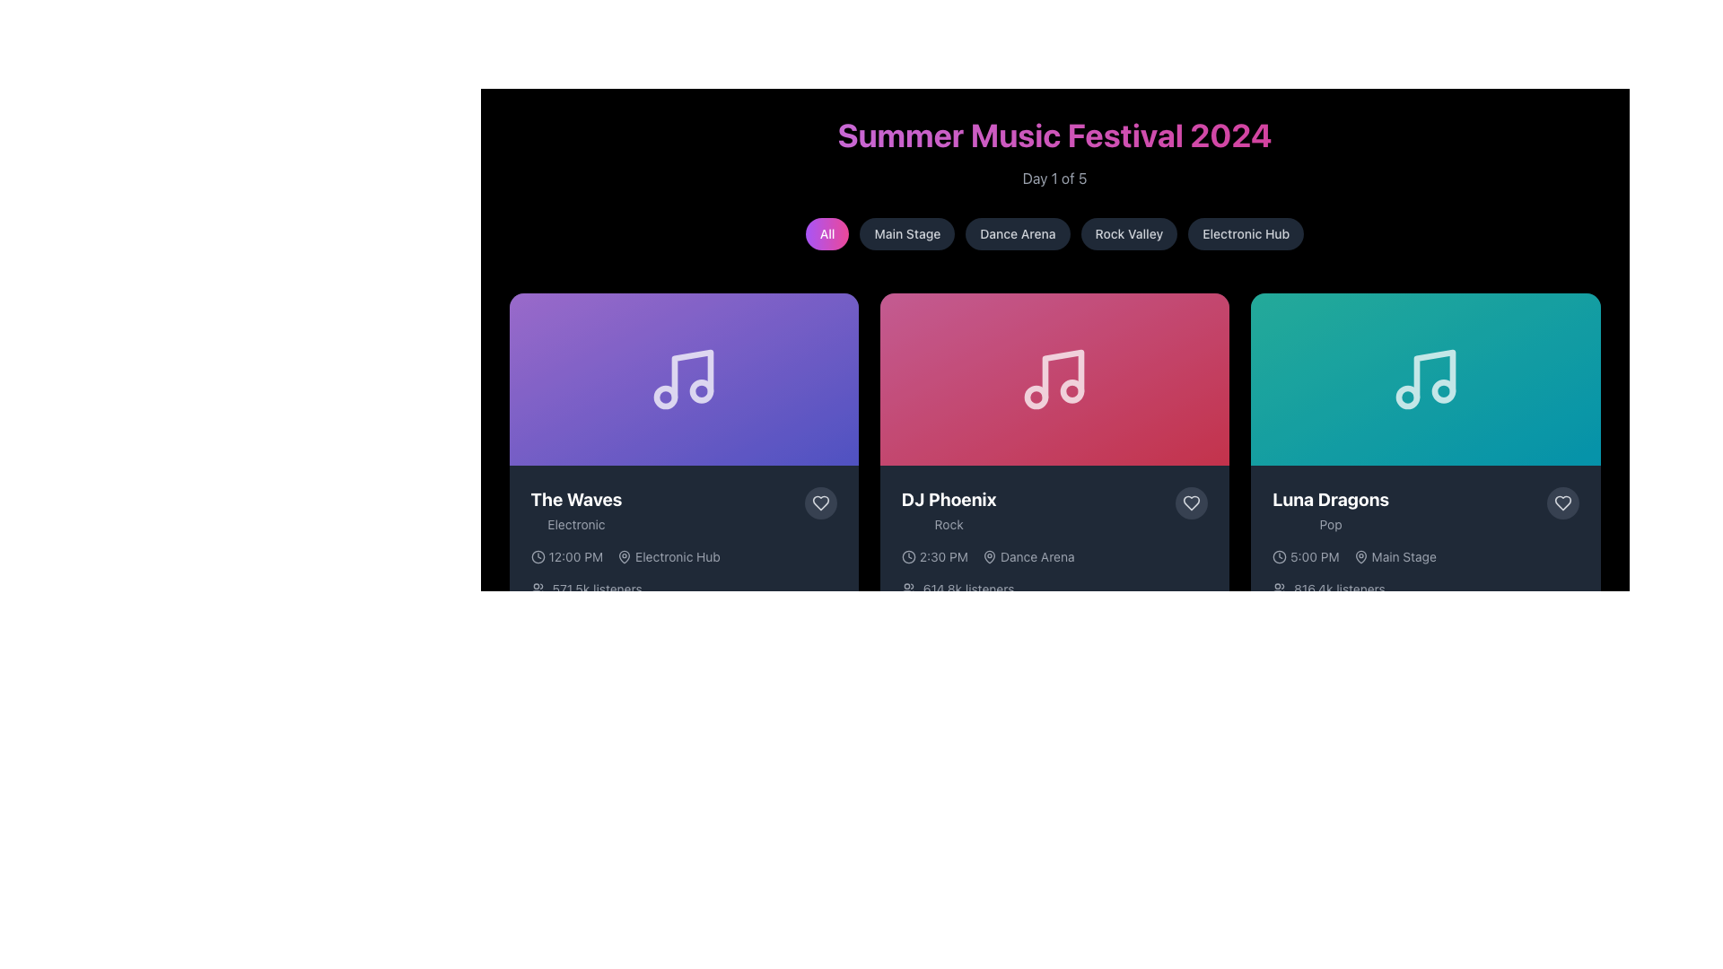  I want to click on the 'Rock Valley' button, which is the fourth button in a row of buttons below the title 'Summer Music Festival 2024', so click(1127, 233).